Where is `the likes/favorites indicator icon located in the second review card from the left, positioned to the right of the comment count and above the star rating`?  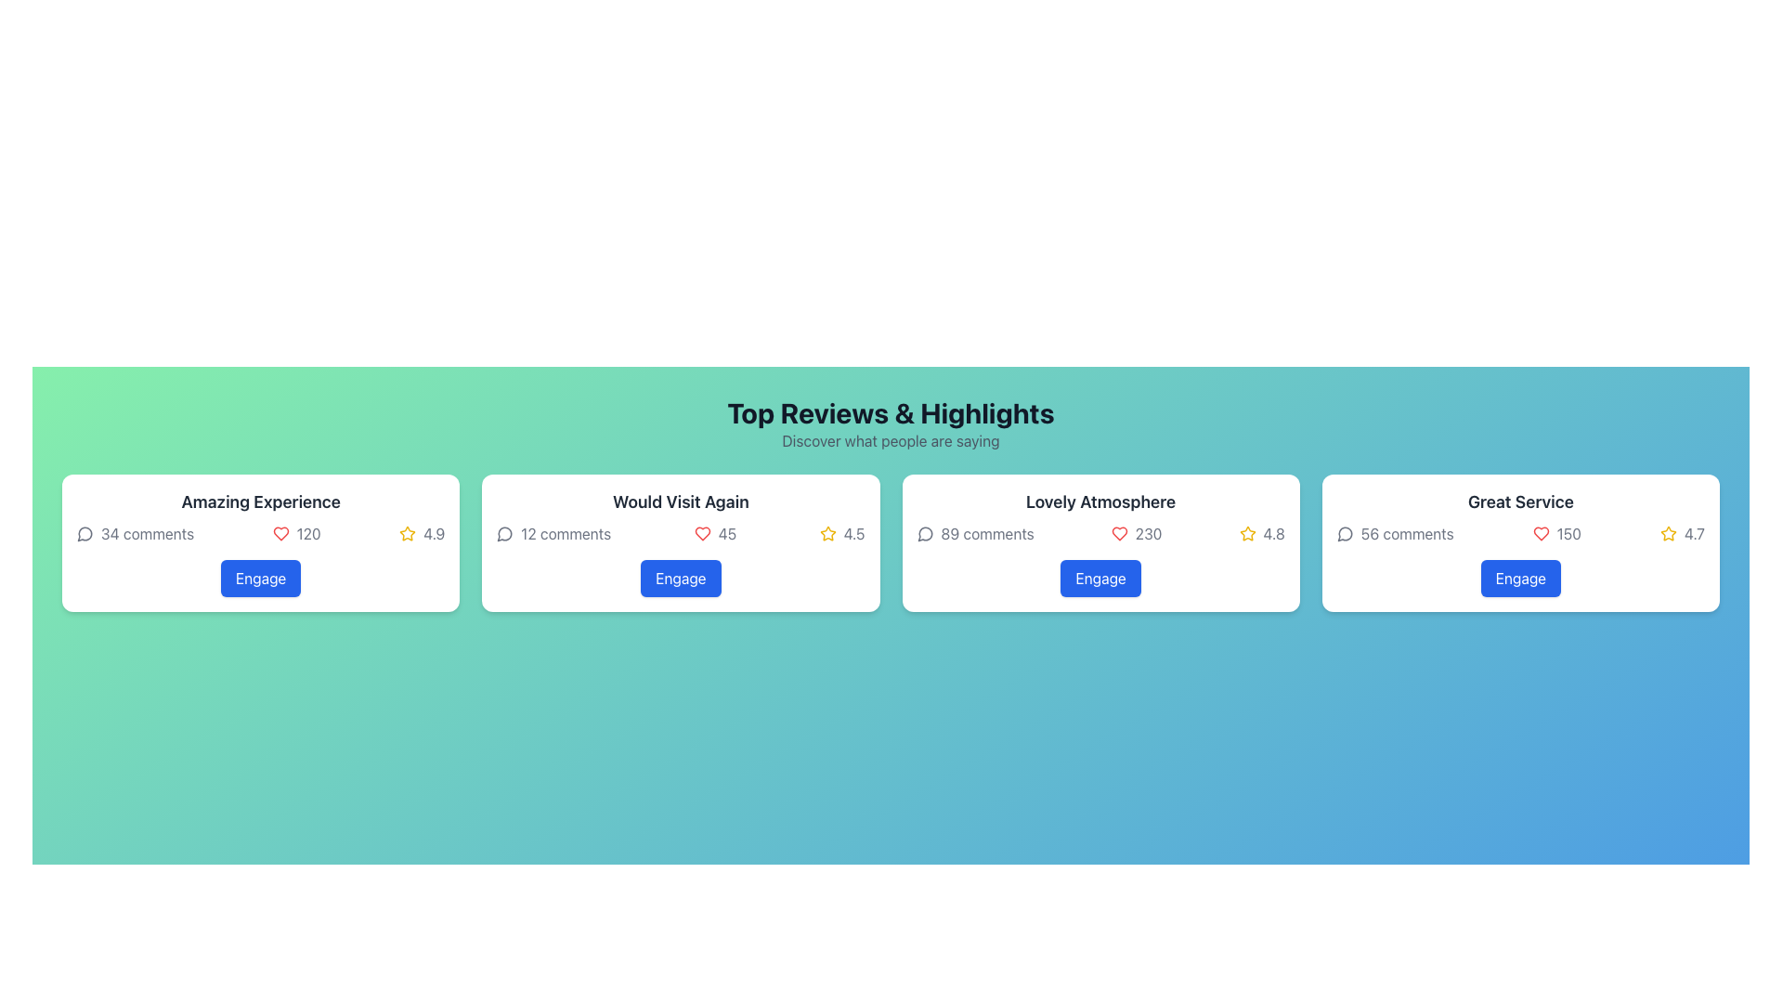
the likes/favorites indicator icon located in the second review card from the left, positioned to the right of the comment count and above the star rating is located at coordinates (701, 533).